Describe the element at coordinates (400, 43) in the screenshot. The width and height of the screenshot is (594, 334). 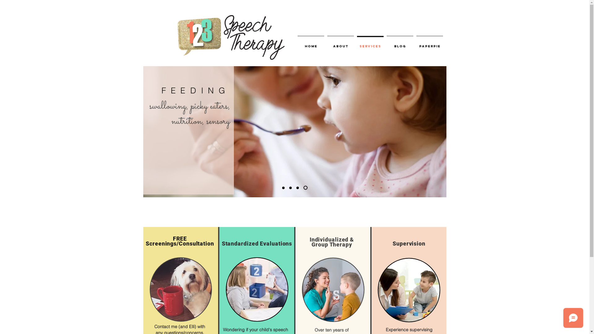
I see `'BLOG'` at that location.